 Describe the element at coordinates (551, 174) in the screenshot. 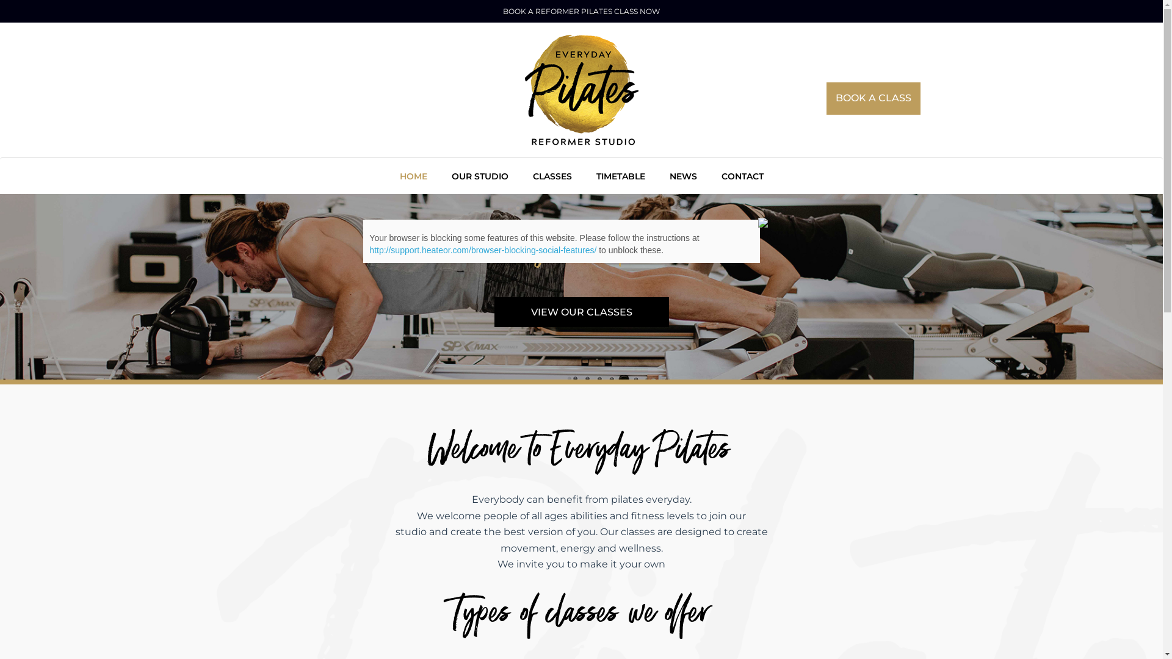

I see `'CLASSES'` at that location.